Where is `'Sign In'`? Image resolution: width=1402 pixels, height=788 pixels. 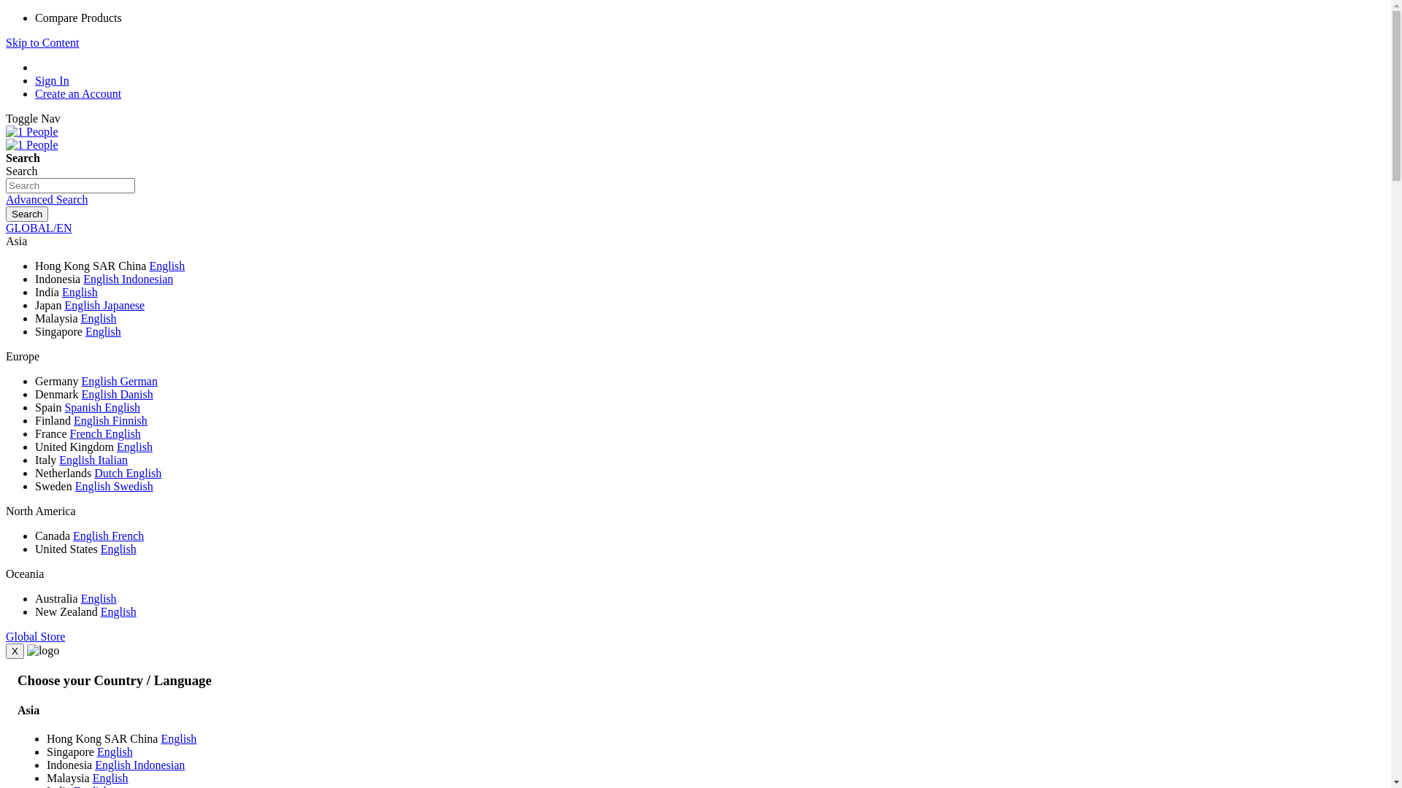 'Sign In' is located at coordinates (52, 80).